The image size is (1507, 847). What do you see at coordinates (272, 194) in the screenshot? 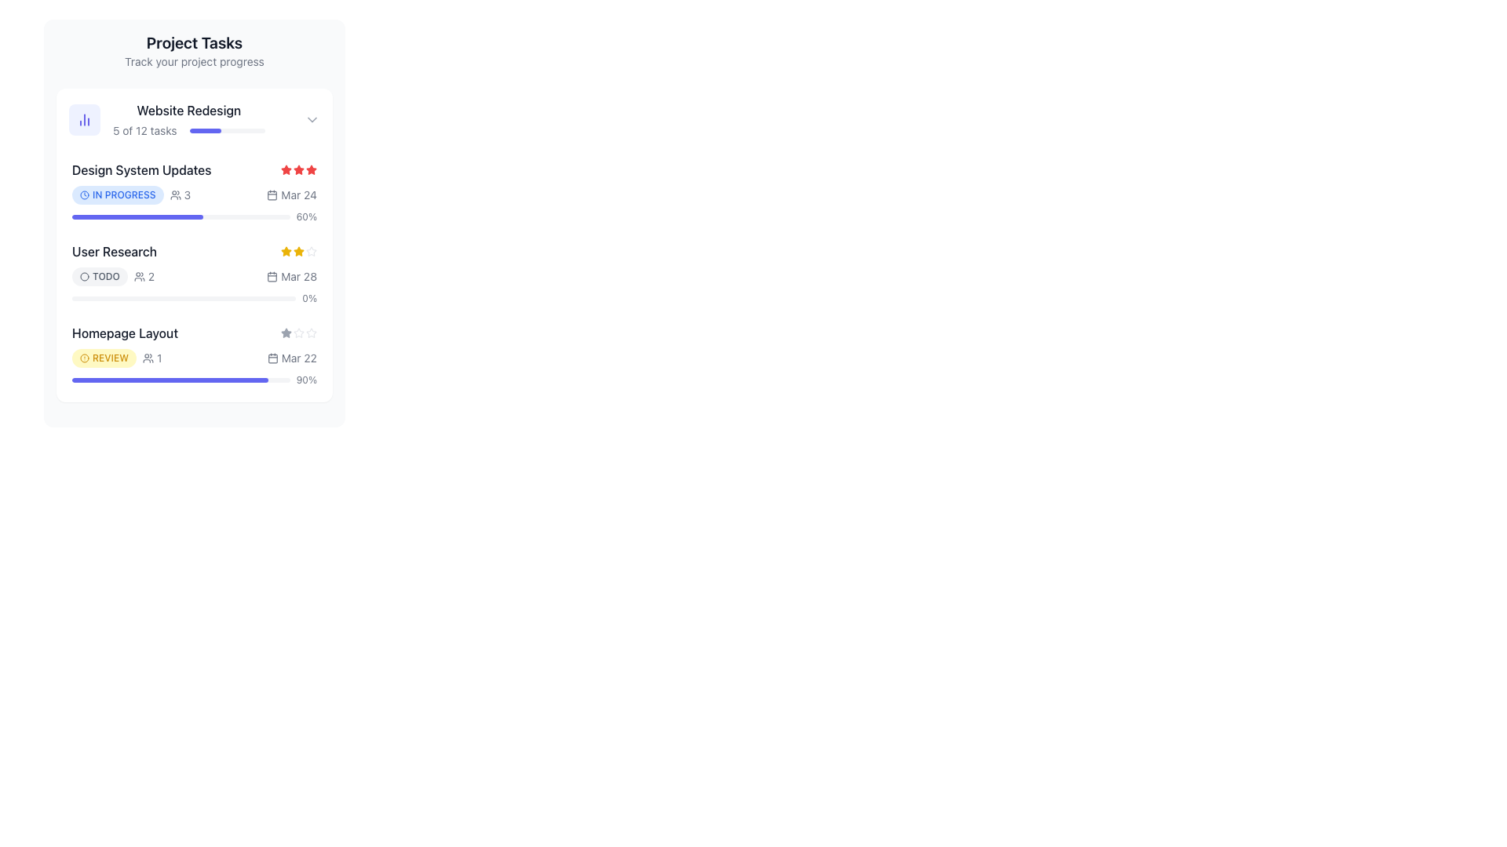
I see `the calendar icon located to the left of the date label 'Mar 24' in the 'Design System Updates' task entry` at bounding box center [272, 194].